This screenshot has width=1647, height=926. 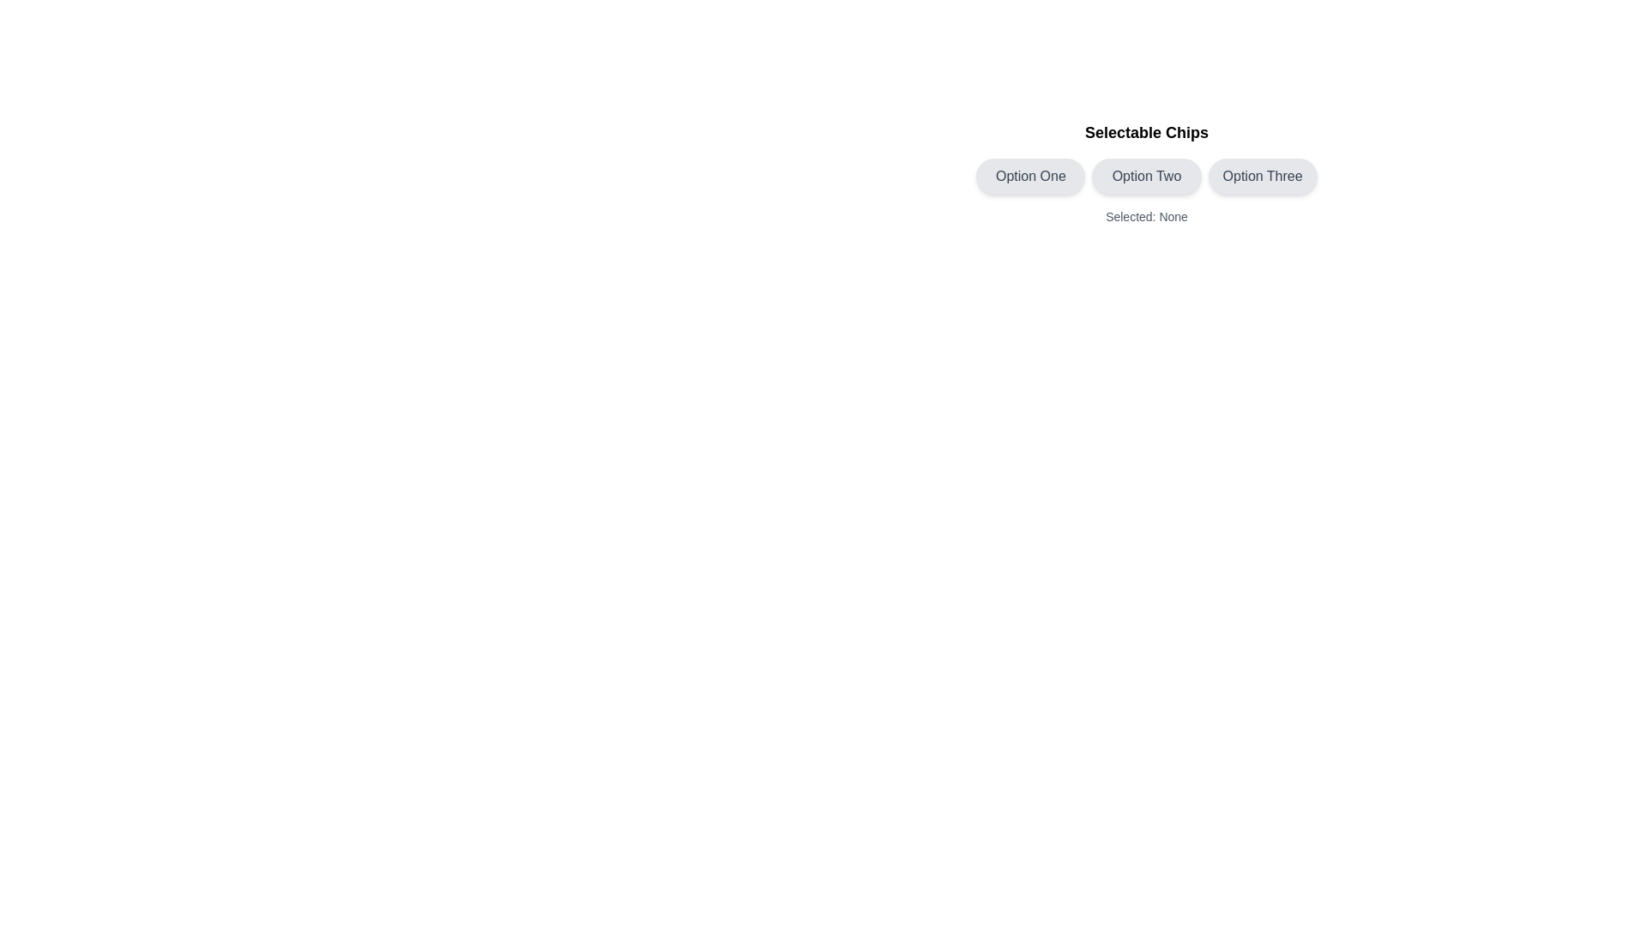 I want to click on the text label displaying 'Option Three', which is part of a button-like component with a light gray background, so click(x=1263, y=176).